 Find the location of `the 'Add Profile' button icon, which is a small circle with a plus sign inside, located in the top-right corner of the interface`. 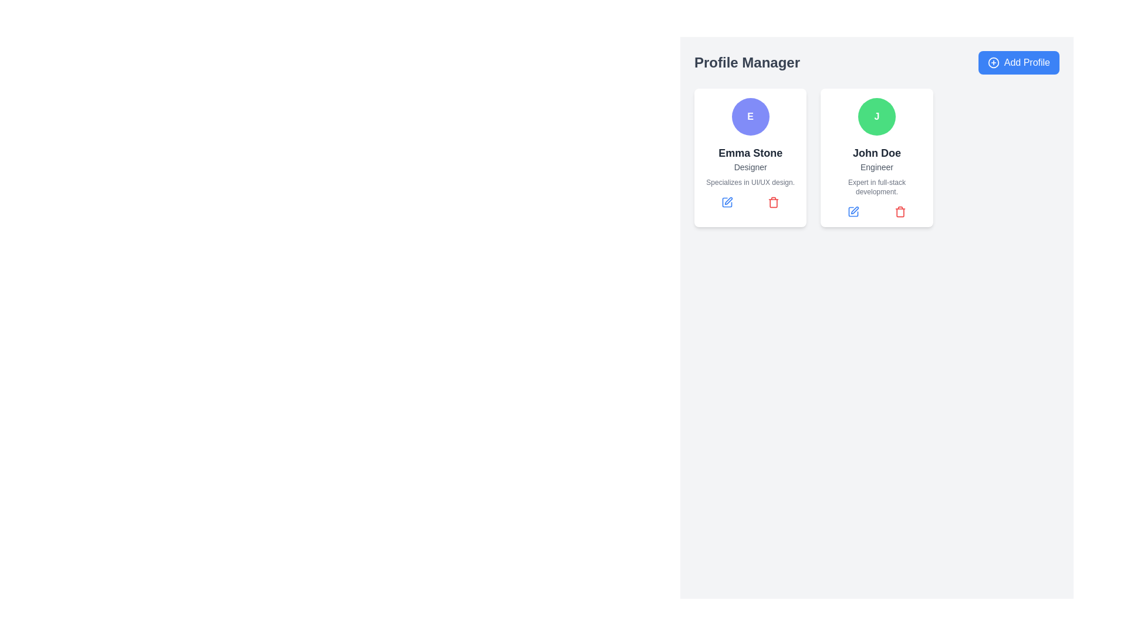

the 'Add Profile' button icon, which is a small circle with a plus sign inside, located in the top-right corner of the interface is located at coordinates (993, 63).